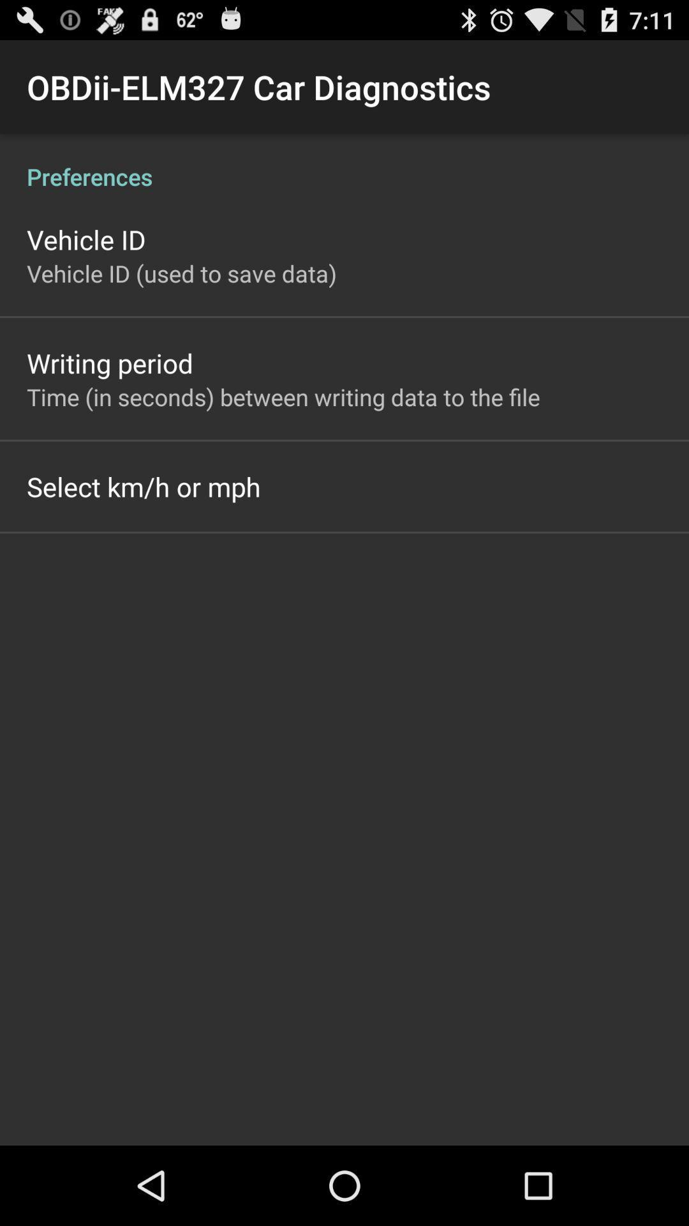 Image resolution: width=689 pixels, height=1226 pixels. I want to click on select km h icon, so click(144, 486).